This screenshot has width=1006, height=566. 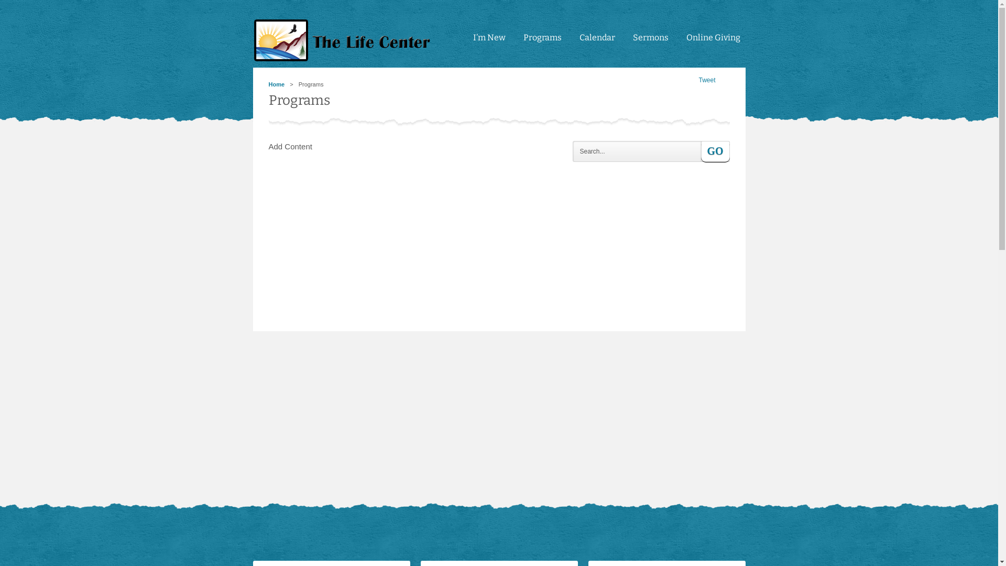 I want to click on 'Calendar', so click(x=597, y=42).